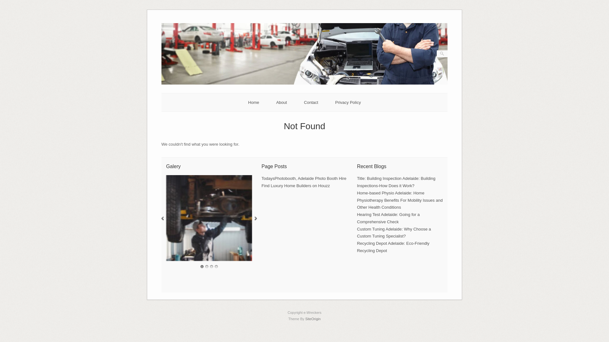  Describe the element at coordinates (304, 178) in the screenshot. I see `'TodaysPhotobooth, Adelaide Photo Booth Hire'` at that location.